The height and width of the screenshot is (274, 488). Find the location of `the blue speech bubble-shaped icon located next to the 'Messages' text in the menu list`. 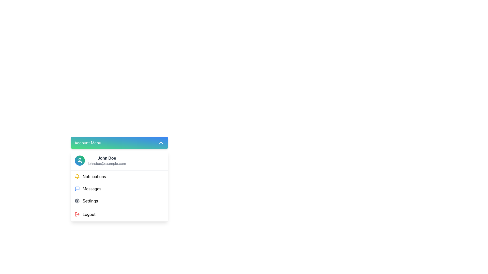

the blue speech bubble-shaped icon located next to the 'Messages' text in the menu list is located at coordinates (77, 189).